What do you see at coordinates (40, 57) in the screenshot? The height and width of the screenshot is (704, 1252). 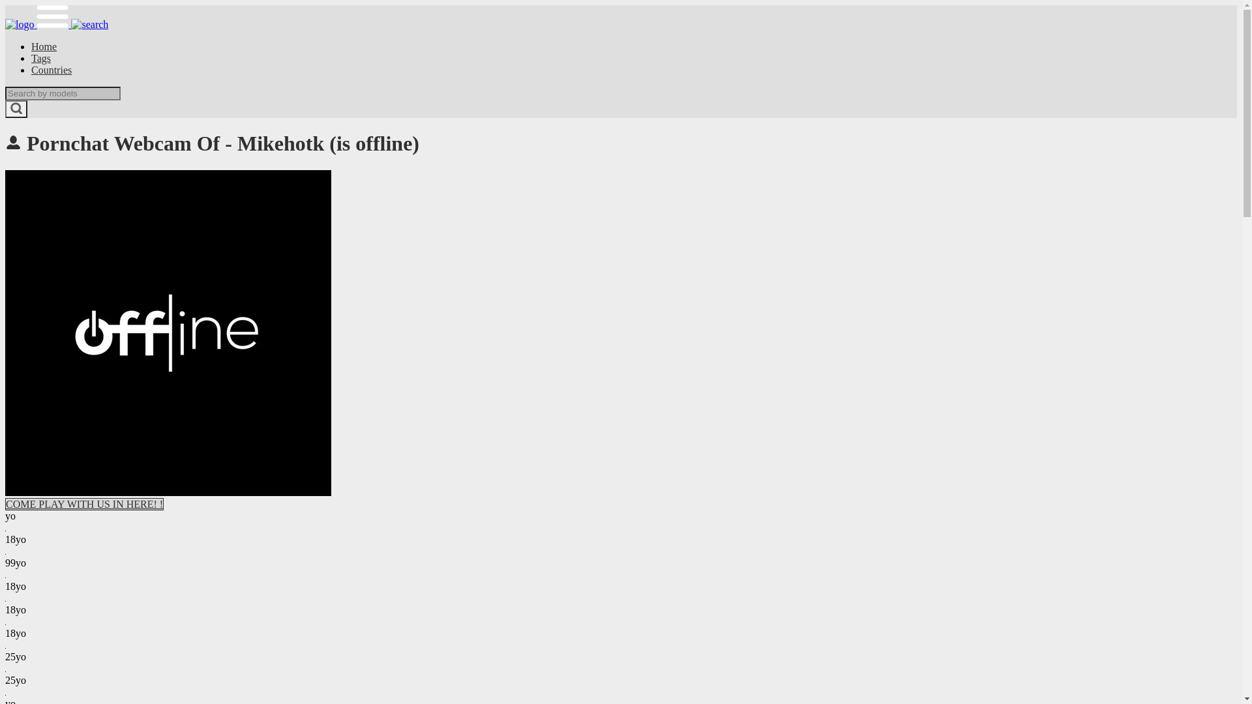 I see `'Tags'` at bounding box center [40, 57].